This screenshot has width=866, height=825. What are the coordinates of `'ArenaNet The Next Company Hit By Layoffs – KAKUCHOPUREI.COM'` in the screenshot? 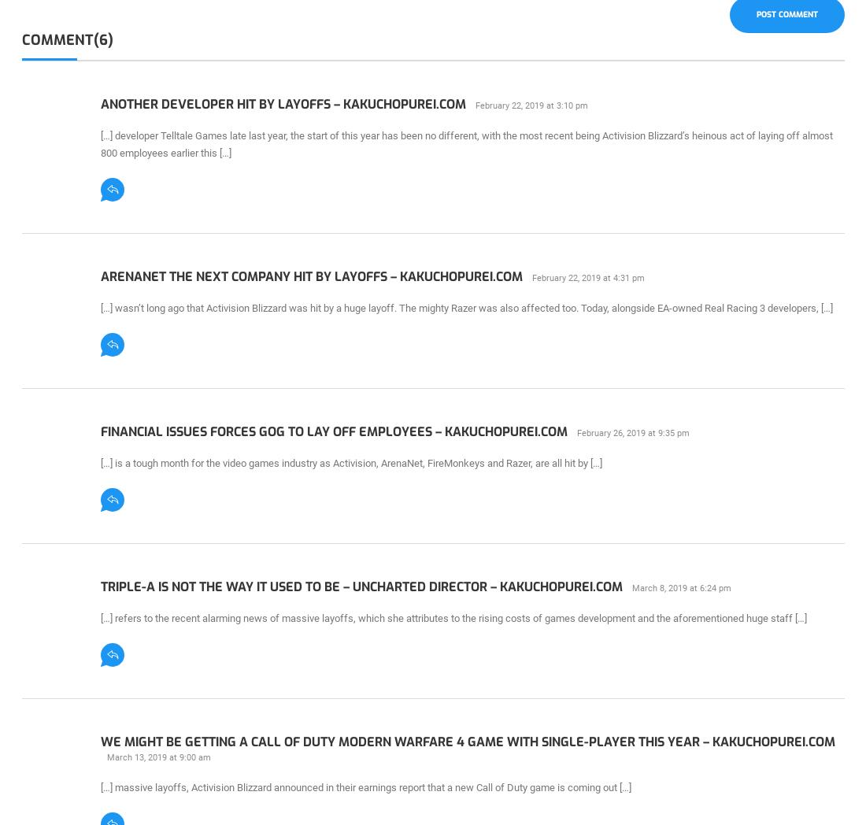 It's located at (100, 275).